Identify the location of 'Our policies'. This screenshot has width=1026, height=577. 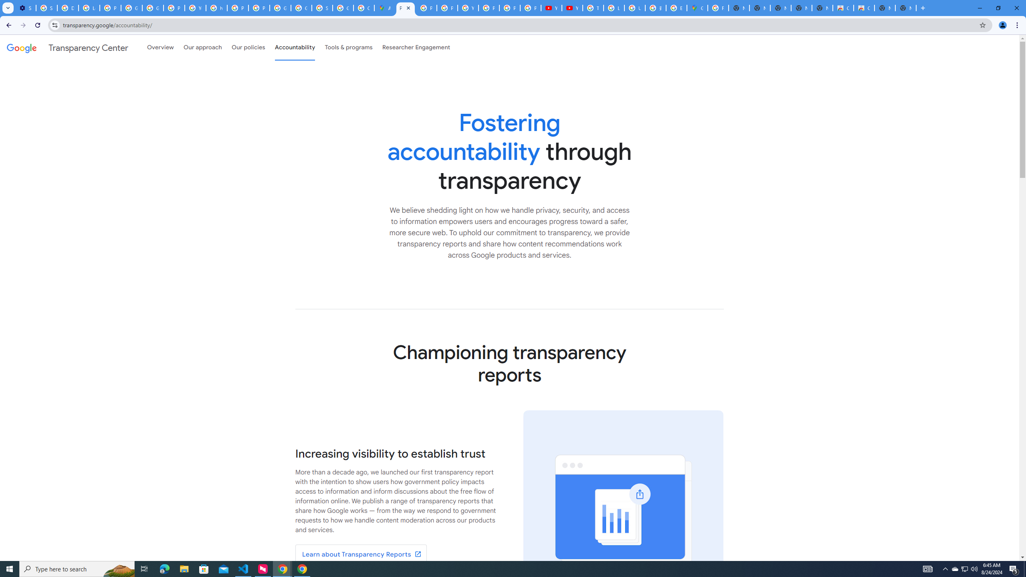
(248, 47).